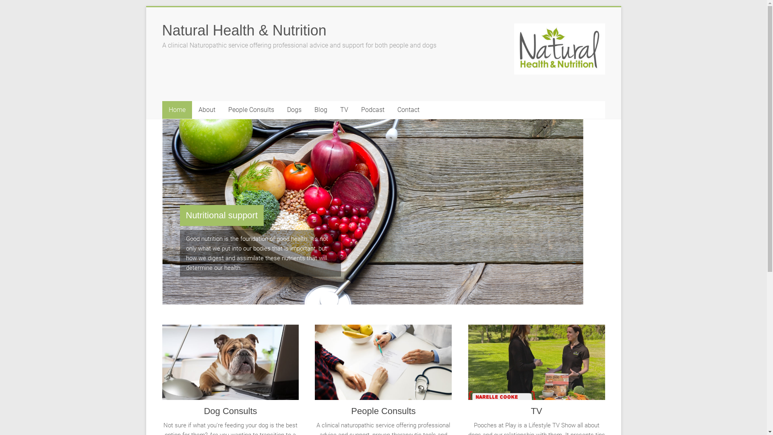 This screenshot has width=773, height=435. I want to click on 'Contact', so click(390, 110).